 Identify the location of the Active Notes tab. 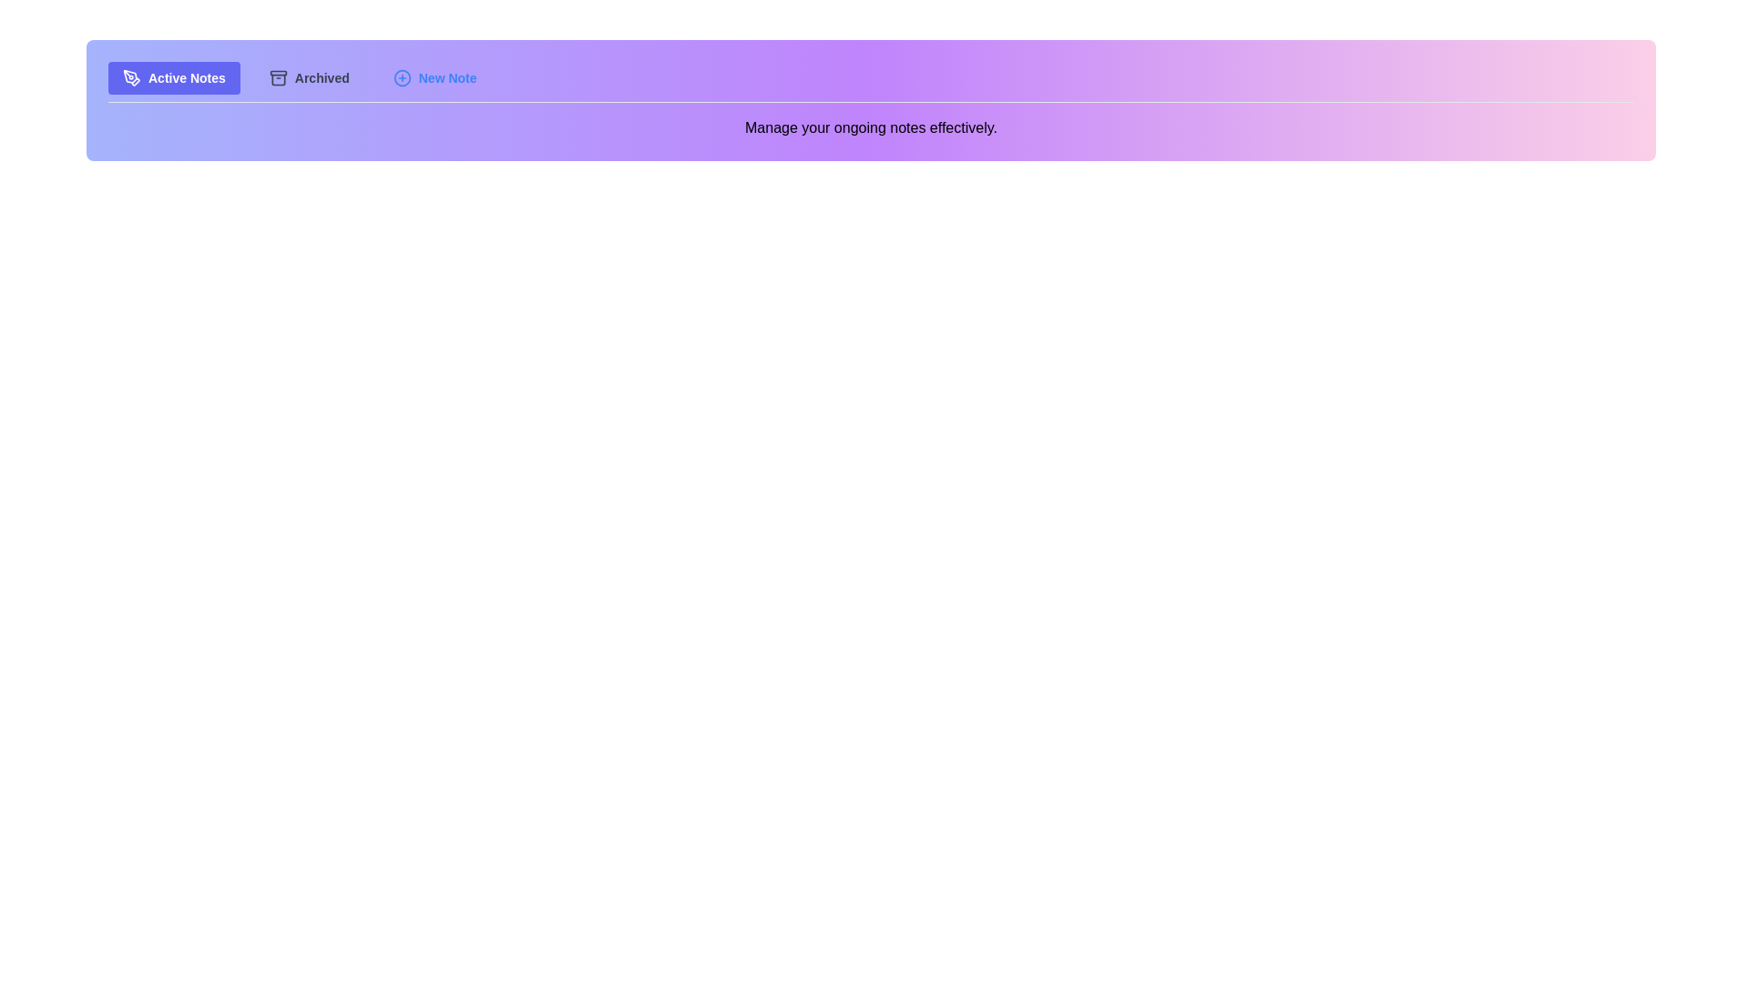
(174, 76).